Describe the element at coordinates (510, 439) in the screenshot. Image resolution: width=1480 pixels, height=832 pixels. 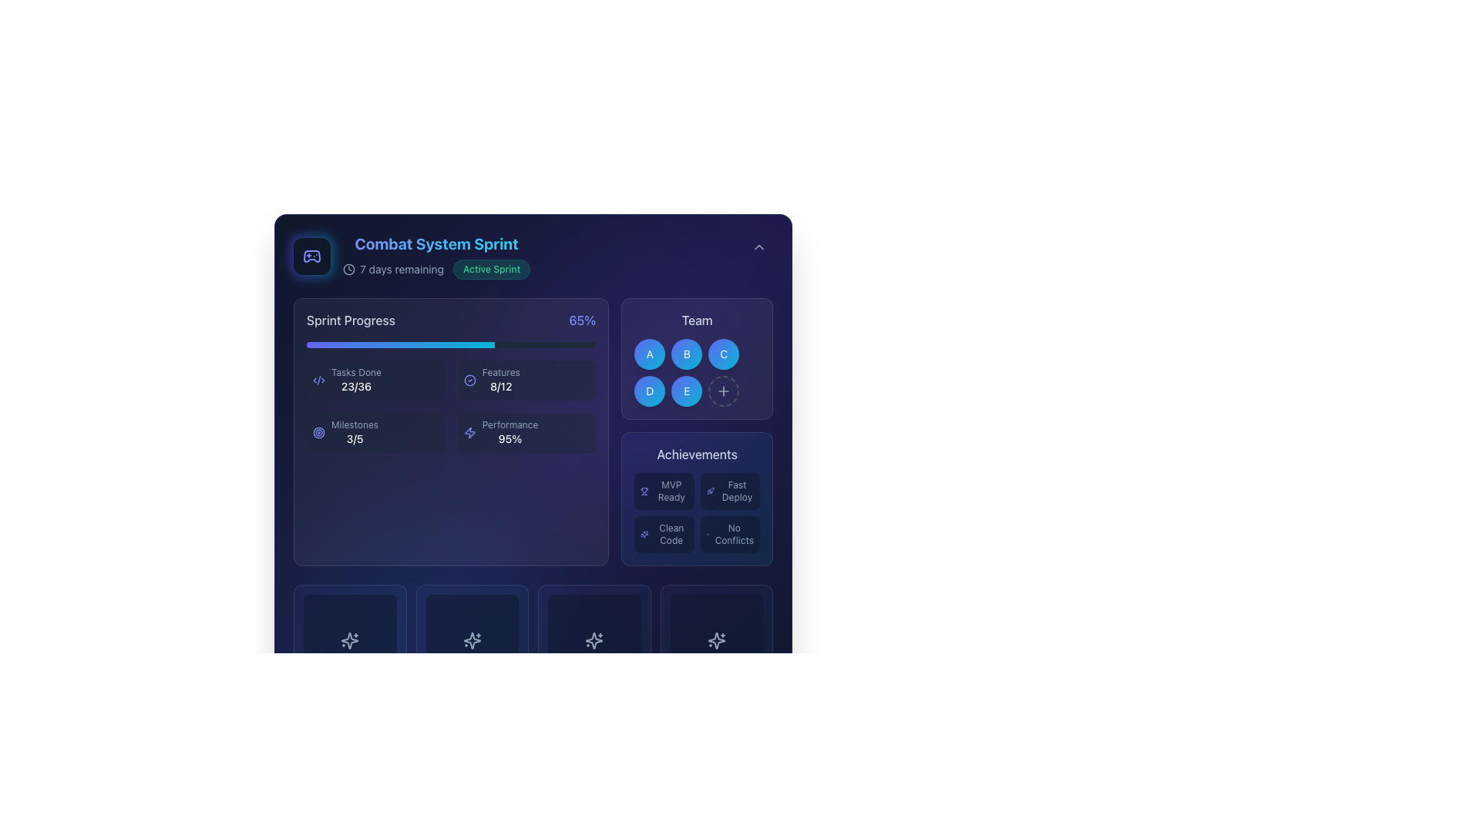
I see `percentage value displayed in the text label showing '95%' within the 'Performance' card in the 'Sprint Progress' section` at that location.